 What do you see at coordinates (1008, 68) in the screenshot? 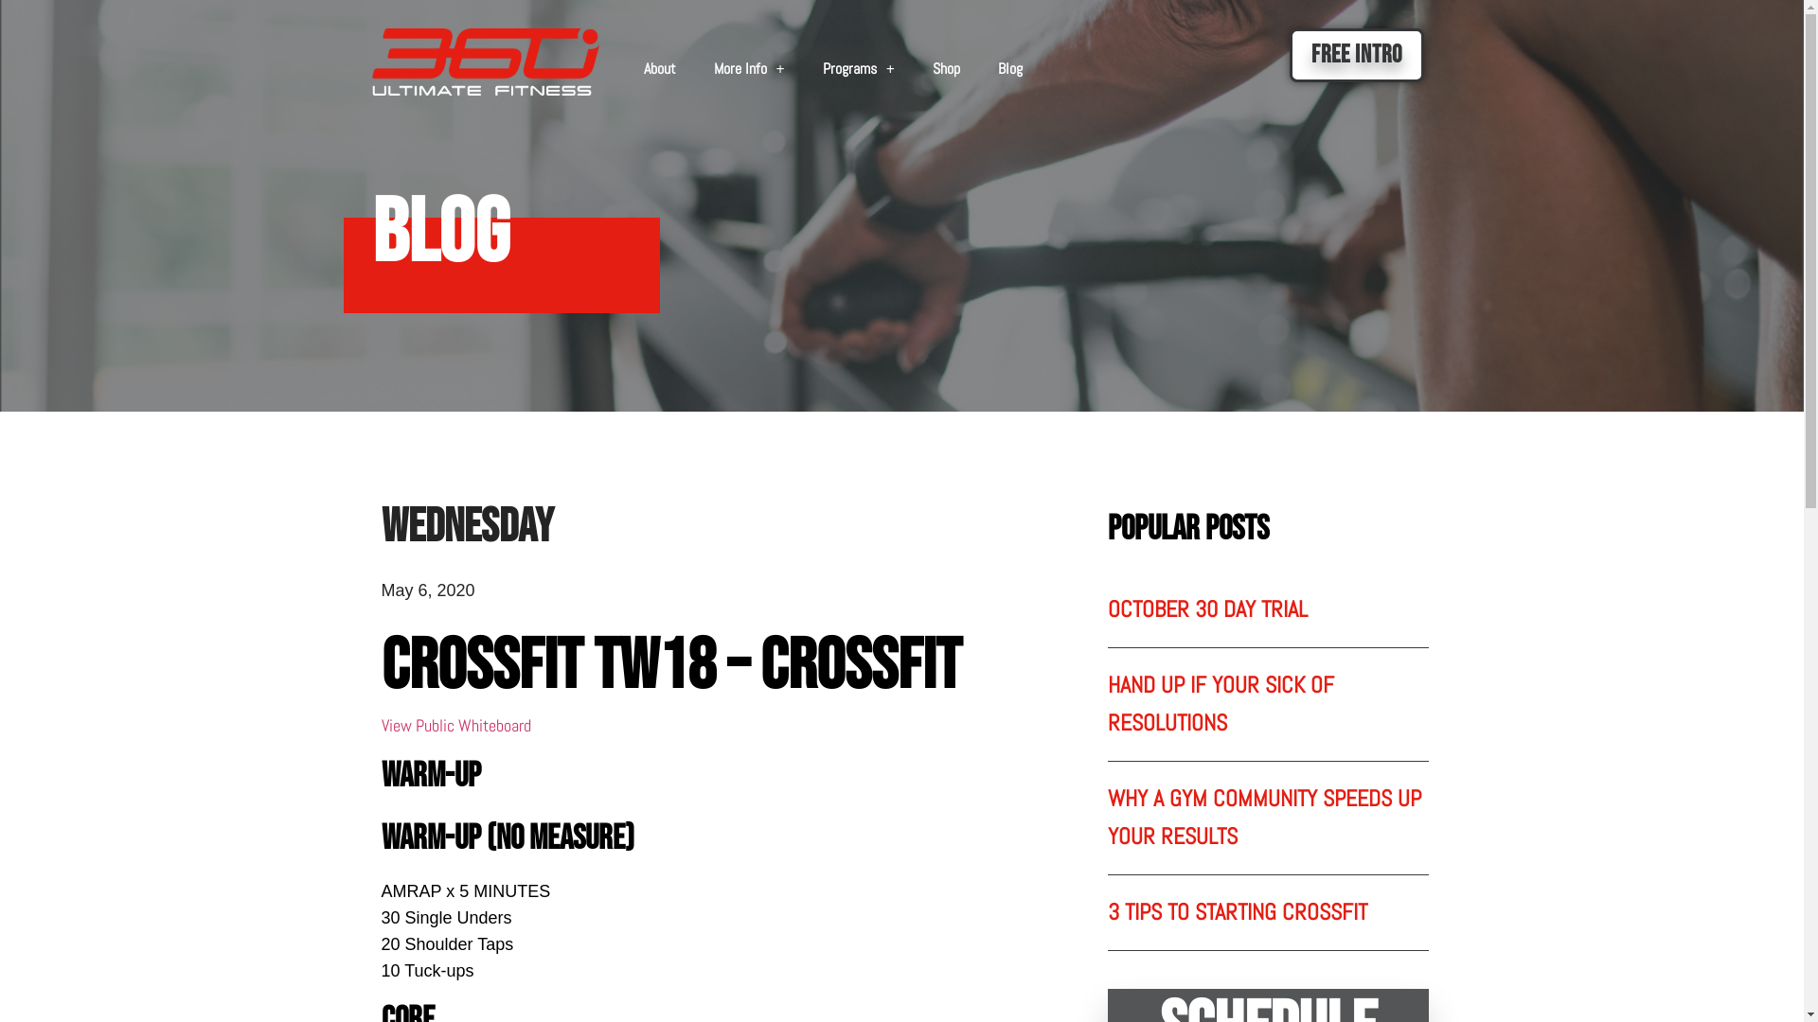
I see `'Blog'` at bounding box center [1008, 68].